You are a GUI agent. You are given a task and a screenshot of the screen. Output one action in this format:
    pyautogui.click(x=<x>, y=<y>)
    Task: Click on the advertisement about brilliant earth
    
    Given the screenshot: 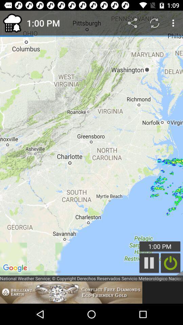 What is the action you would take?
    pyautogui.click(x=71, y=292)
    